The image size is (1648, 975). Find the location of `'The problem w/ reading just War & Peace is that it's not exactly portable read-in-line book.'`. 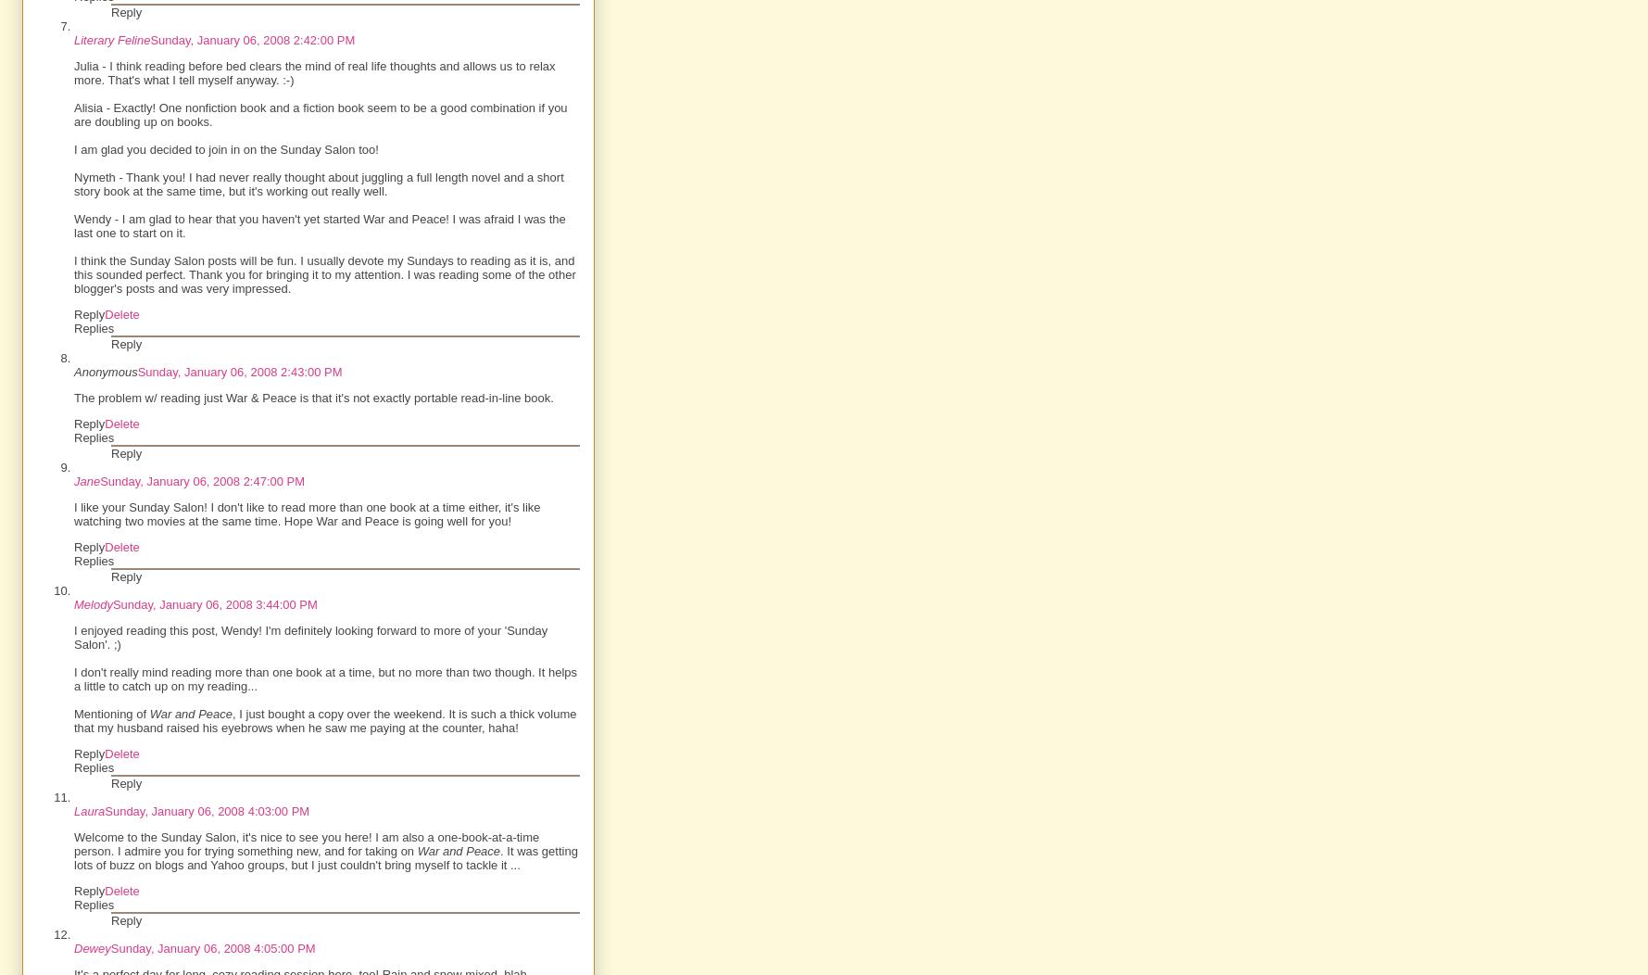

'The problem w/ reading just War & Peace is that it's not exactly portable read-in-line book.' is located at coordinates (313, 397).